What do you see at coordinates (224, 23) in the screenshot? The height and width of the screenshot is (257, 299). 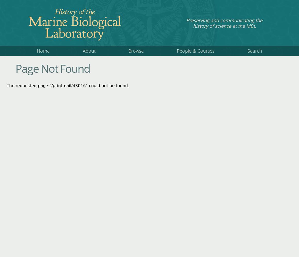 I see `'Preserving and communicating the history of science at the MBL'` at bounding box center [224, 23].